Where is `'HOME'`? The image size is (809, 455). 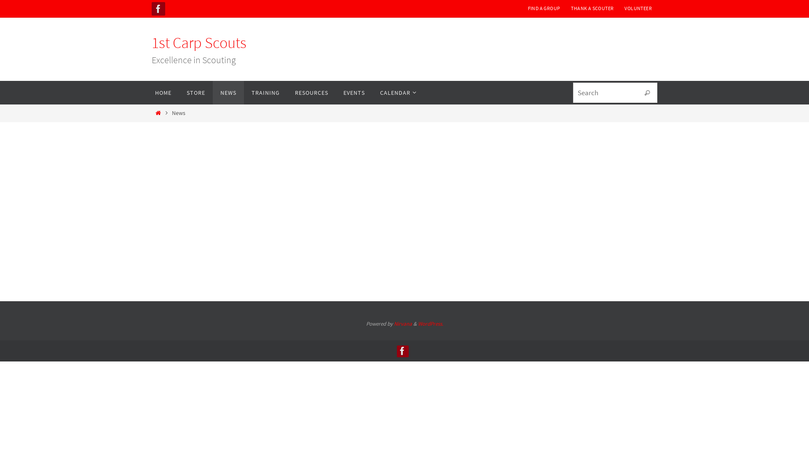
'HOME' is located at coordinates (163, 92).